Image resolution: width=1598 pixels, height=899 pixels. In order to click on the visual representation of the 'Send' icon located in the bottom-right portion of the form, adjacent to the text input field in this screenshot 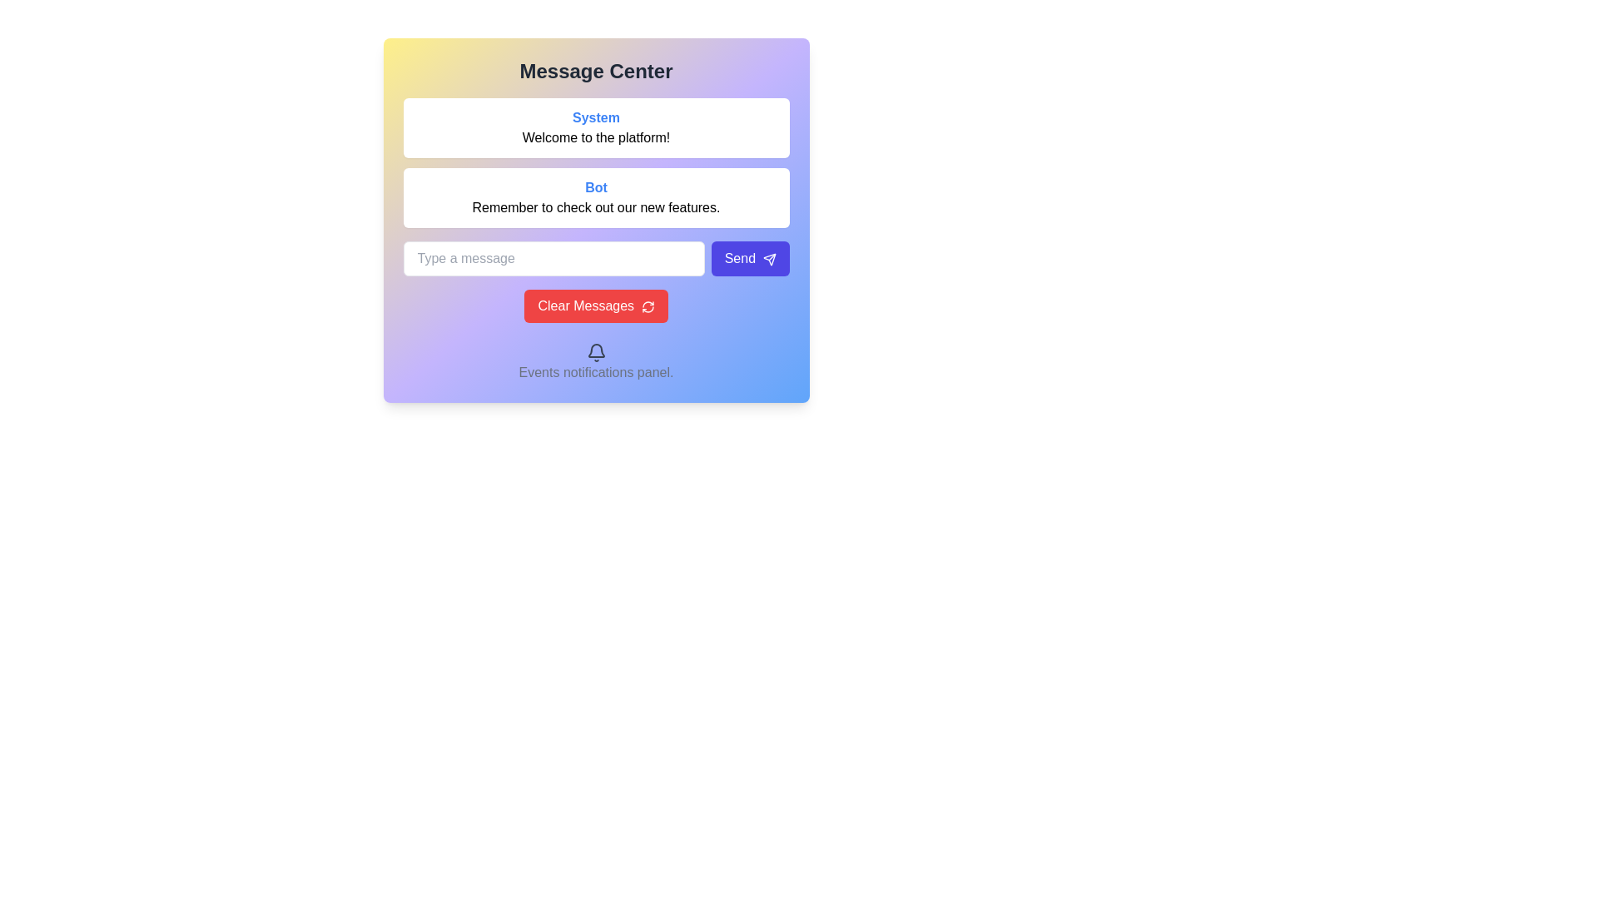, I will do `click(768, 259)`.